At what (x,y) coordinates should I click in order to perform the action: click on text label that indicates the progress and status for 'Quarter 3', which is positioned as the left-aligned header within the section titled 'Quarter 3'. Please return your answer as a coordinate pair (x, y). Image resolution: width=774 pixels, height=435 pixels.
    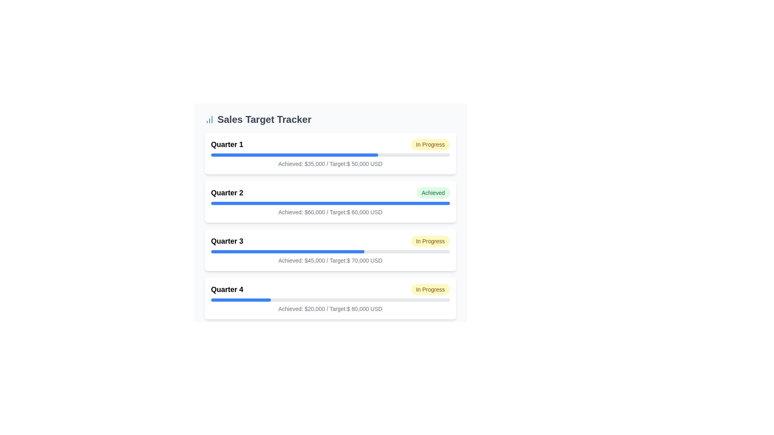
    Looking at the image, I should click on (227, 240).